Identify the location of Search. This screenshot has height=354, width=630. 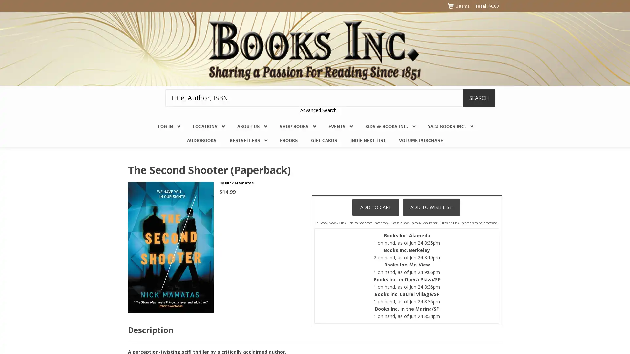
(479, 97).